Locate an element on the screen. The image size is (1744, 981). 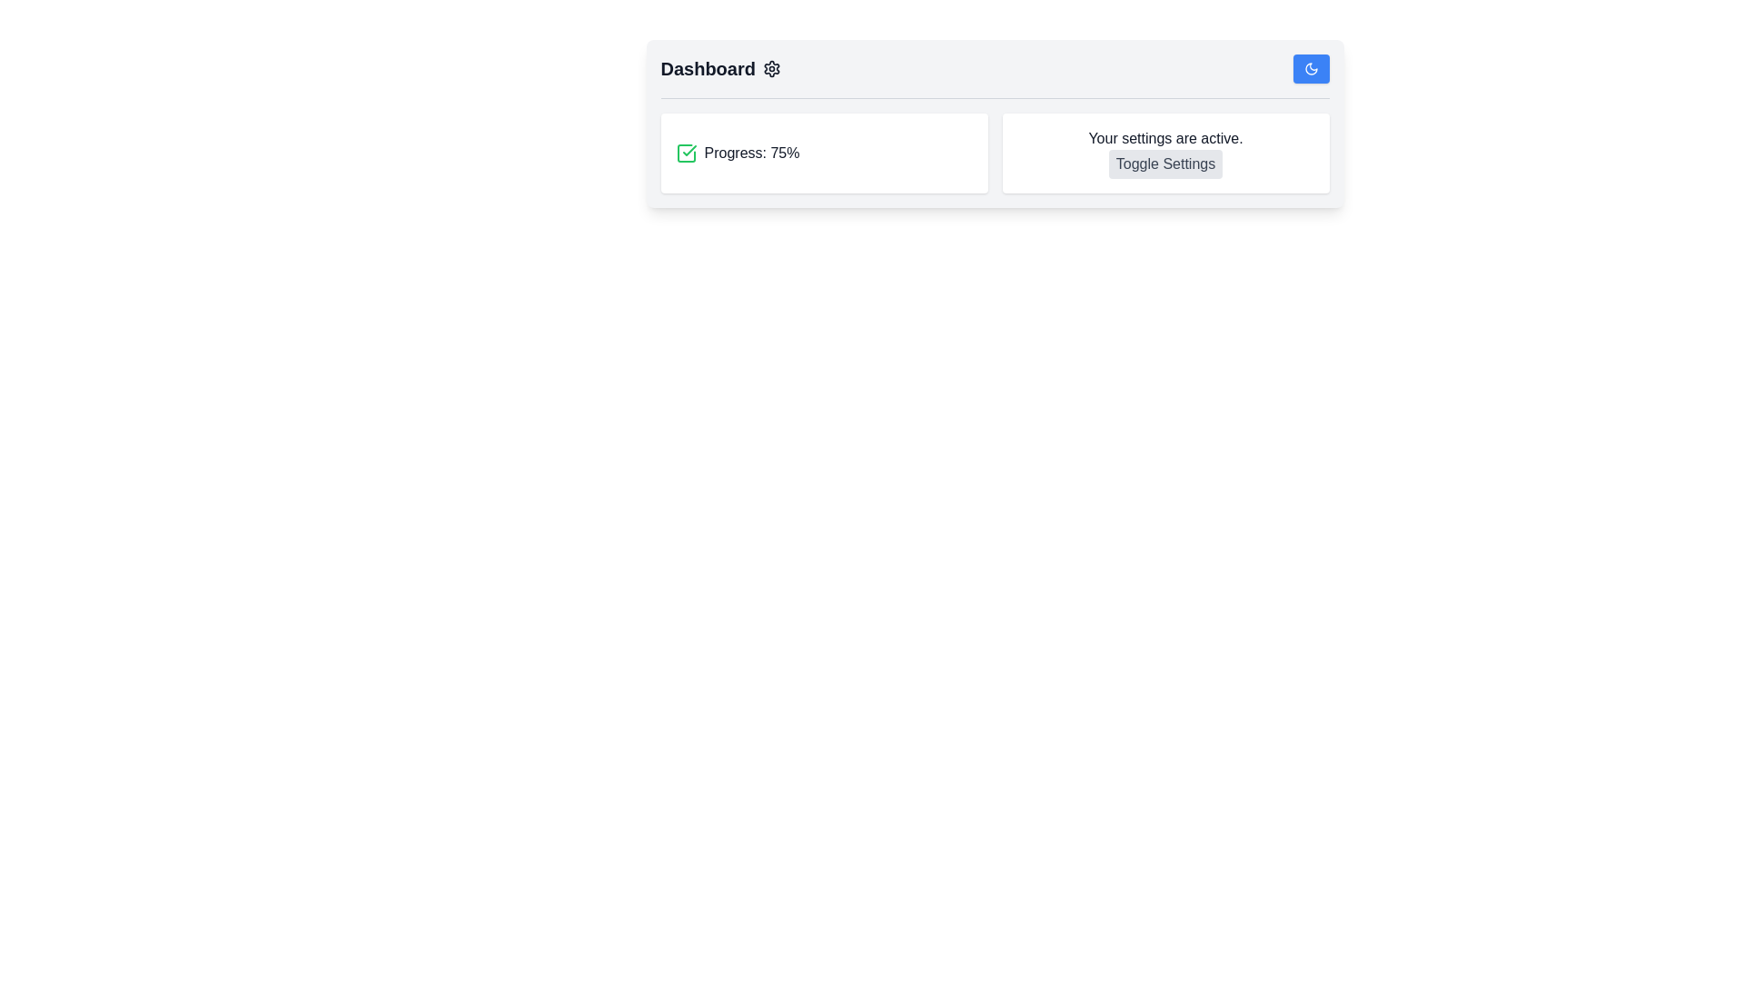
the 'Toggle Settings' button within the settings information card is located at coordinates (1165, 153).